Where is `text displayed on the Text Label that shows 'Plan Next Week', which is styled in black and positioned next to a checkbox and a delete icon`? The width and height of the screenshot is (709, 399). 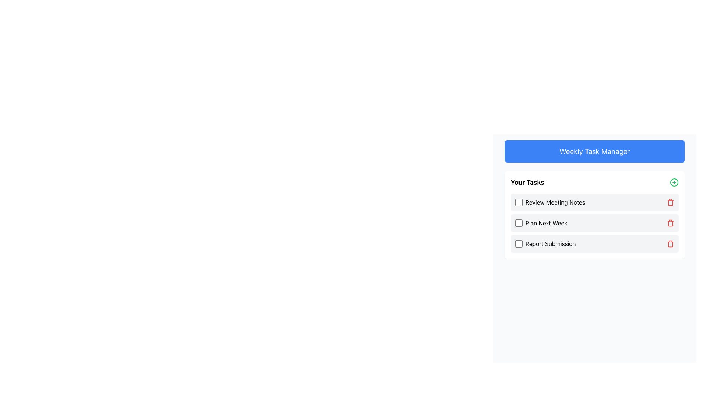
text displayed on the Text Label that shows 'Plan Next Week', which is styled in black and positioned next to a checkbox and a delete icon is located at coordinates (546, 223).